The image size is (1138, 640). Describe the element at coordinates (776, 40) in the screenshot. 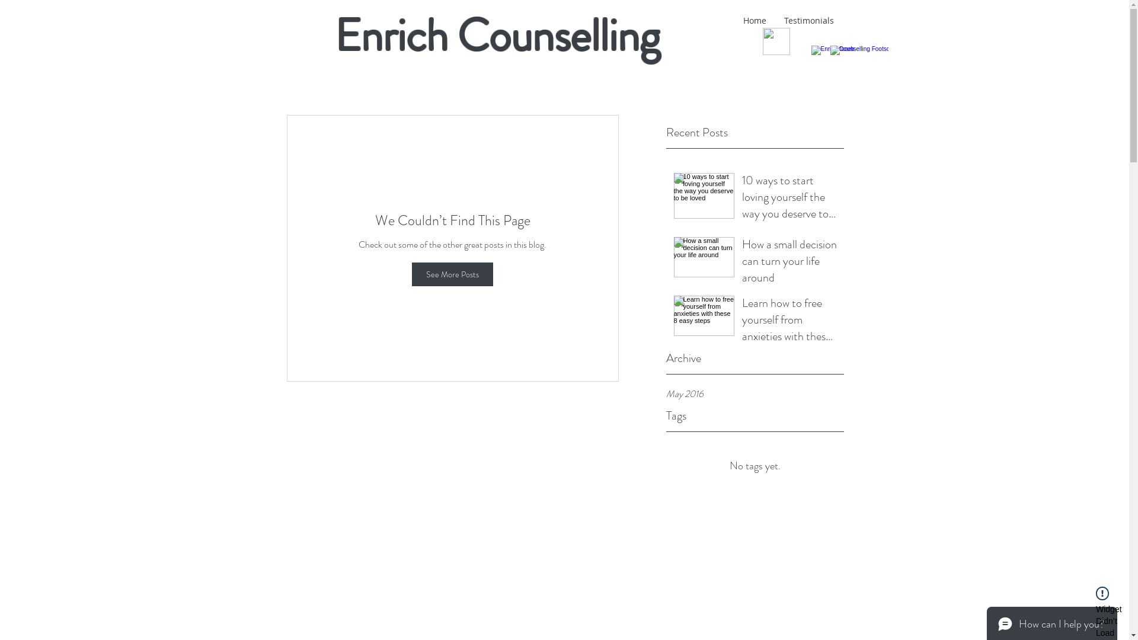

I see `'Menu'` at that location.